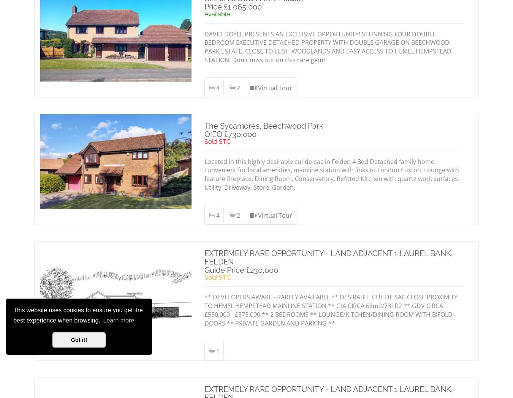 This screenshot has width=513, height=398. What do you see at coordinates (328, 47) in the screenshot?
I see `'DAVID DOYLE PRESENTS AN EXCLUSIVE OPPORTUNITY! STUNNING FOUR DOUBLE BEDROOM EXECUTIVE DETACHED PROPERTY WITH DOUBLE GARAGE ON BEECHWOOD PARK ESTATE. CLOSE TO LUSH WOODLANDS AND EASY ACCESS TO HEMEL HEMPSTEAD STATION. Don`t miss out on this rare gem!'` at bounding box center [328, 47].